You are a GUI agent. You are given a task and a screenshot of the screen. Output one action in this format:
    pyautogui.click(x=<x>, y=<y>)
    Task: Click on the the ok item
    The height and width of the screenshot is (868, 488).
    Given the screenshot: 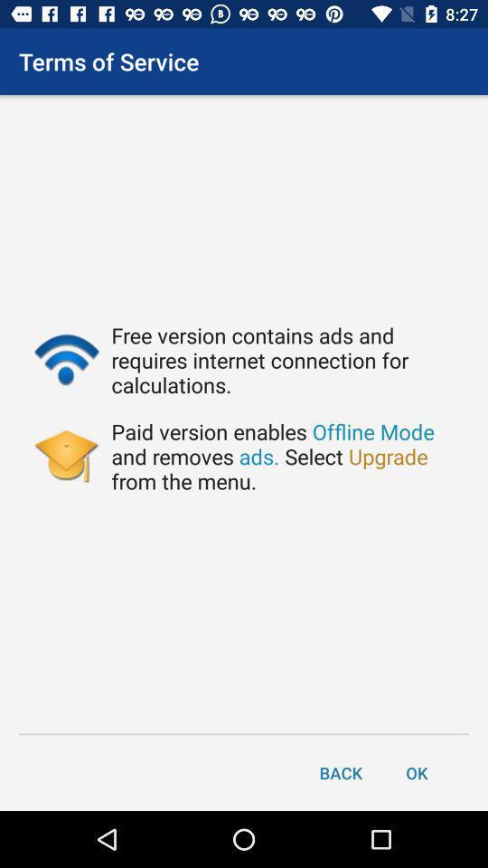 What is the action you would take?
    pyautogui.click(x=417, y=771)
    